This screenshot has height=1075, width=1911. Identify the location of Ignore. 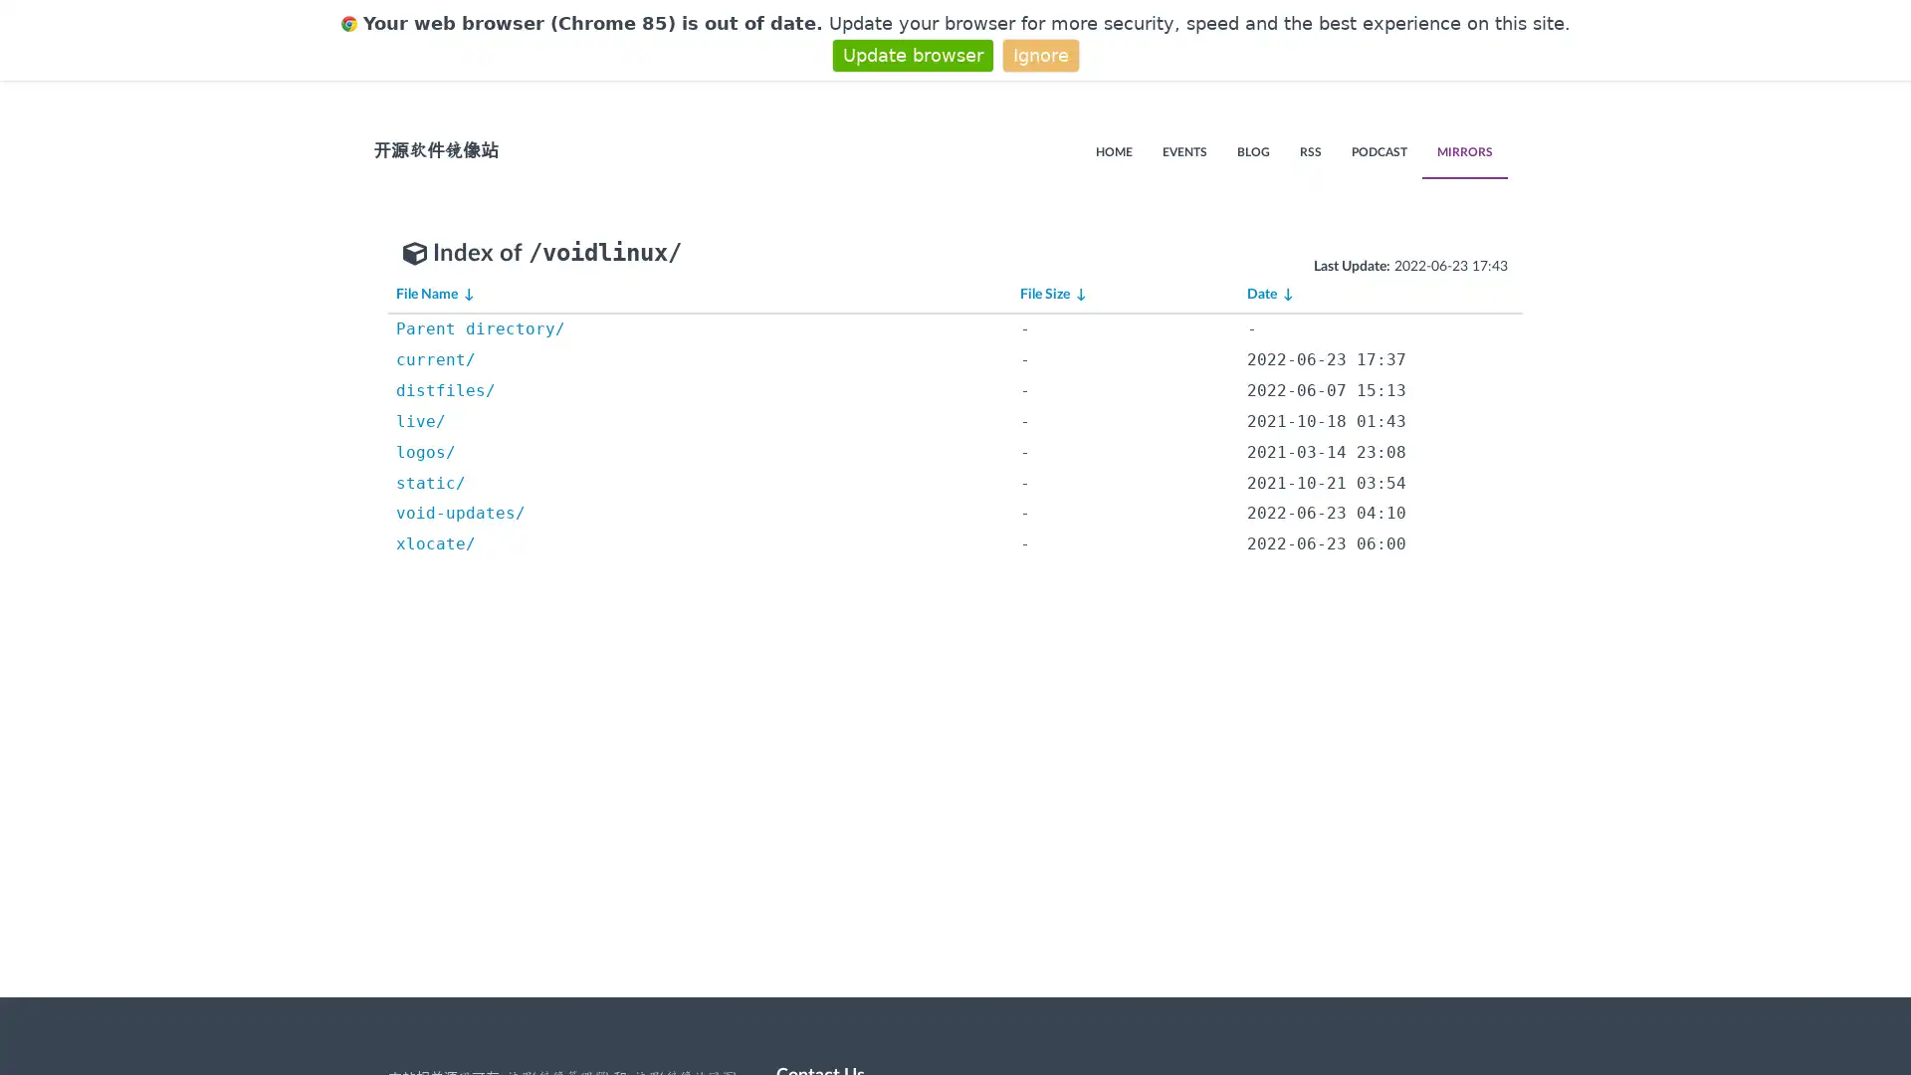
(1039, 54).